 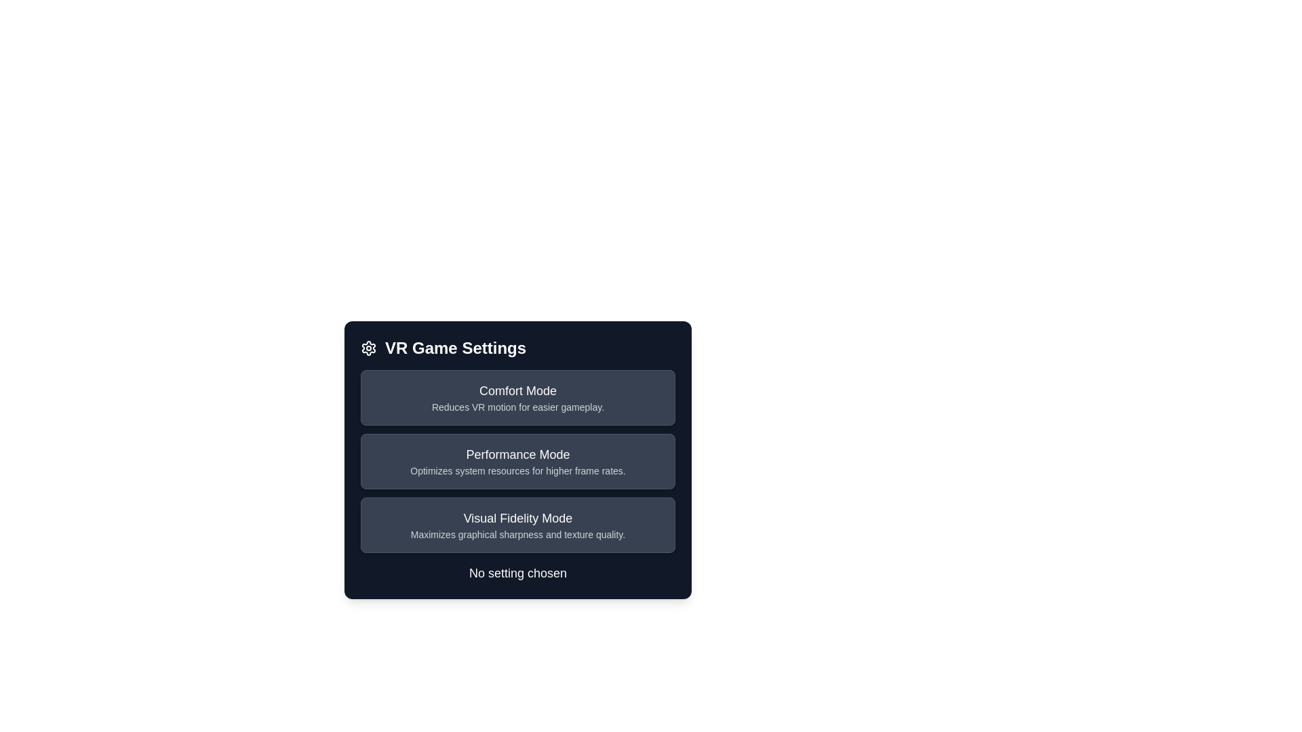 What do you see at coordinates (517, 470) in the screenshot?
I see `the descriptive label explaining the functionality of the 'Performance Mode' setting, located beneath its title in the 'VR Game Settings' interface` at bounding box center [517, 470].